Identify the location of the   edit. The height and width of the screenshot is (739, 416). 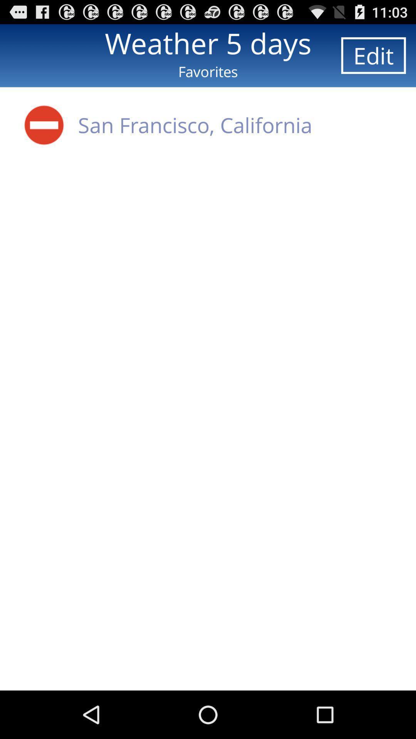
(373, 55).